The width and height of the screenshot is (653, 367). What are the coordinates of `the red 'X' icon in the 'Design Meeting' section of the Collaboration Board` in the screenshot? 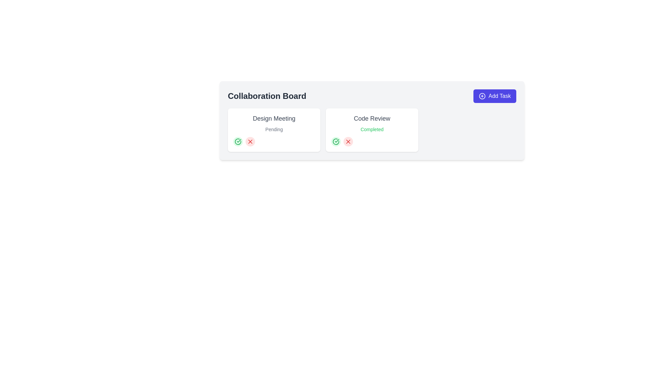 It's located at (250, 141).